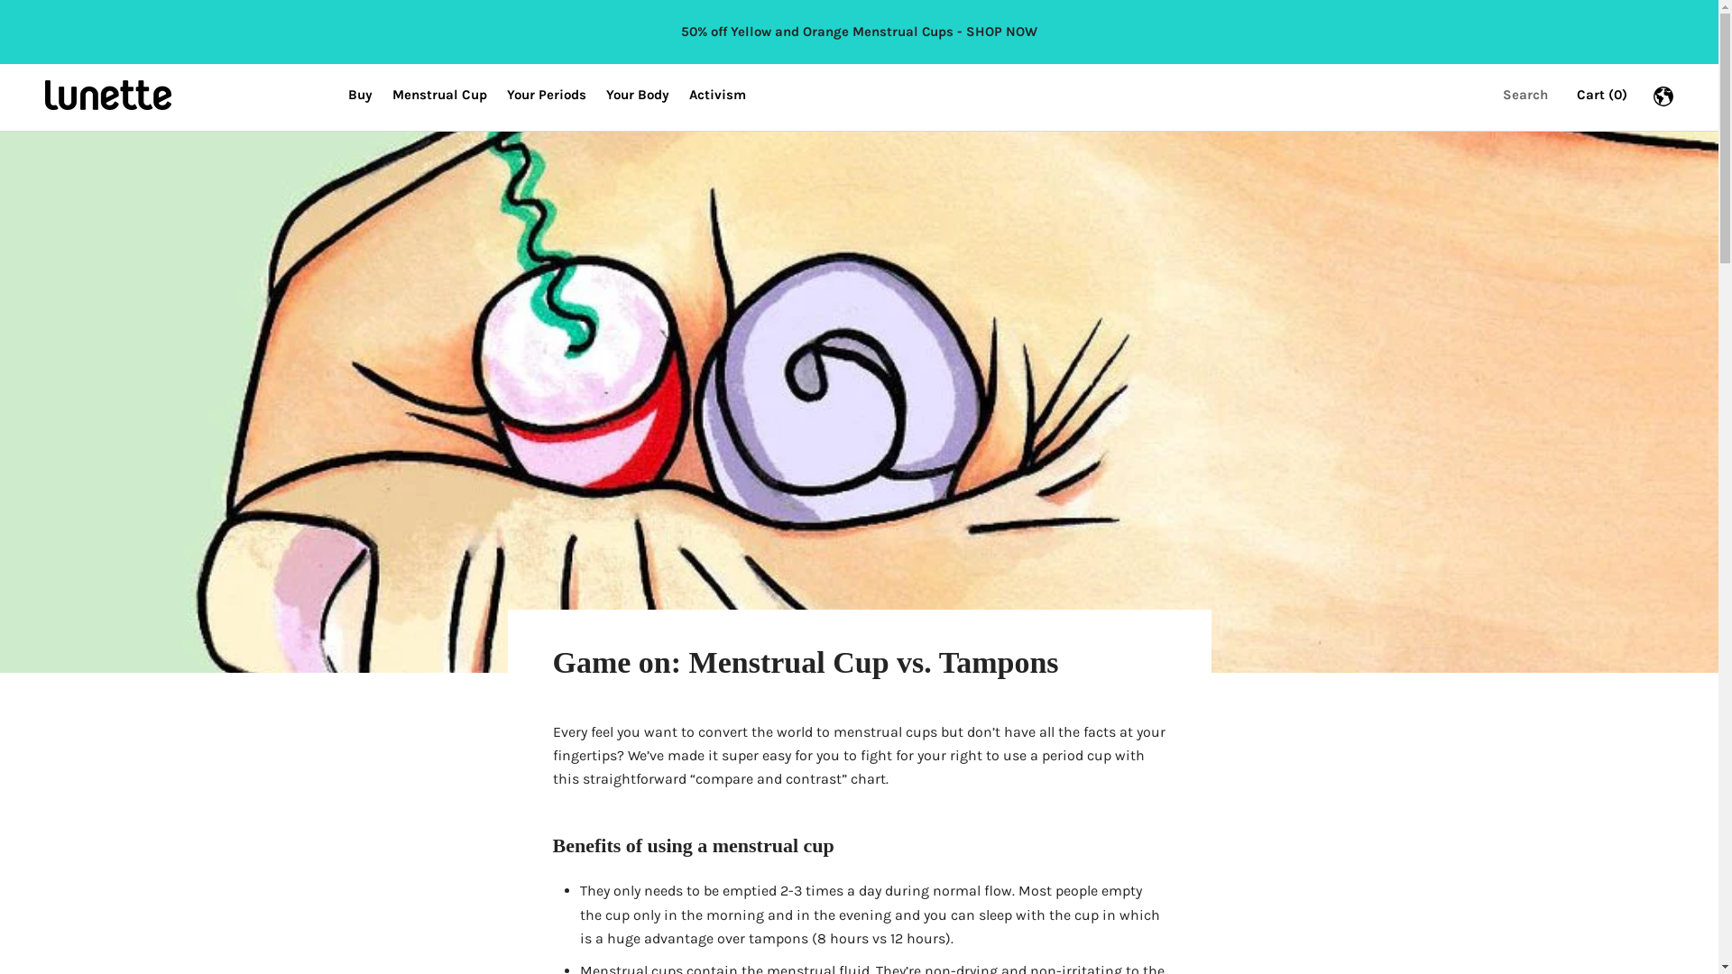  I want to click on '50% off Yellow and Orange Menstrual Cups - SHOP NOW', so click(858, 31).